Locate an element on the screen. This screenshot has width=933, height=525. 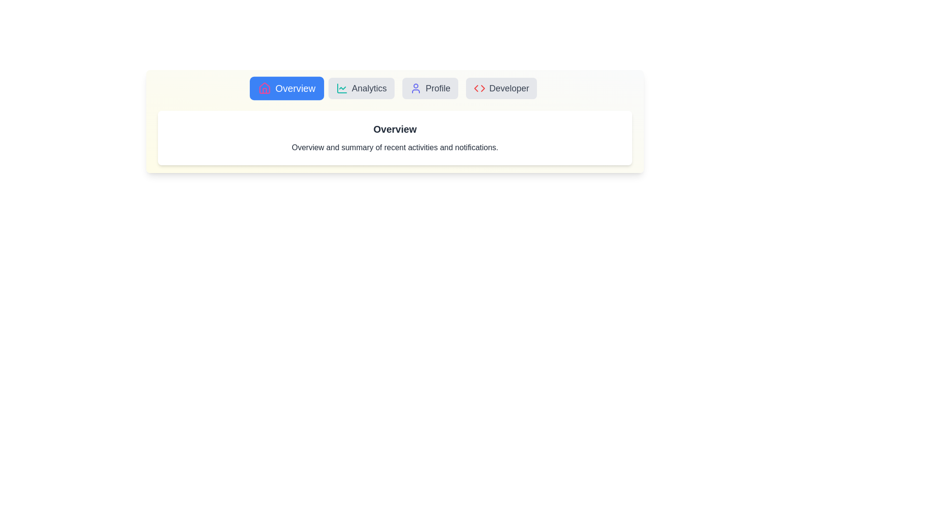
the Overview tab to view its content is located at coordinates (286, 88).